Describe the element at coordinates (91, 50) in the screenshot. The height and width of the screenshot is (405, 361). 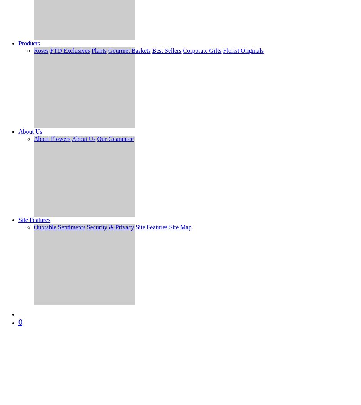
I see `'Plants'` at that location.